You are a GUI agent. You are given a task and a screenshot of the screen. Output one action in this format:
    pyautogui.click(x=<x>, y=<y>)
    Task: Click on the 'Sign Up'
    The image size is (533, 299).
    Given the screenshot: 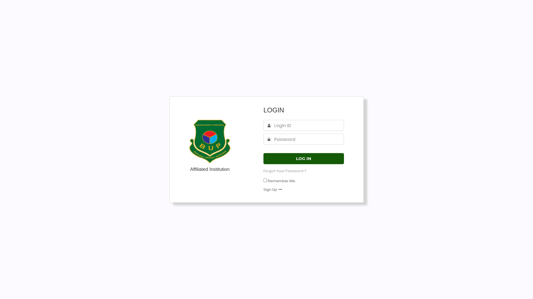 What is the action you would take?
    pyautogui.click(x=263, y=189)
    